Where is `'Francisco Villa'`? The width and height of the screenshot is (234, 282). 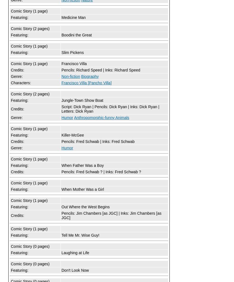 'Francisco Villa' is located at coordinates (61, 63).